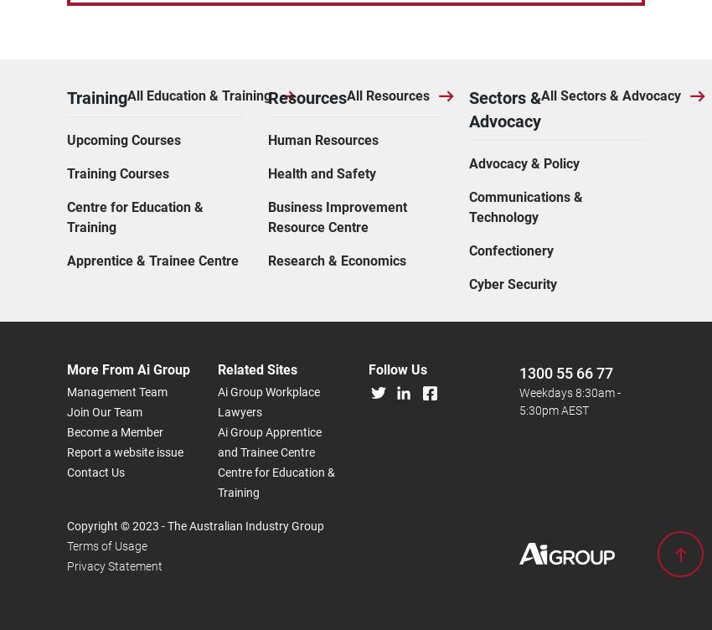  Describe the element at coordinates (115, 379) in the screenshot. I see `'Privacy Statement'` at that location.